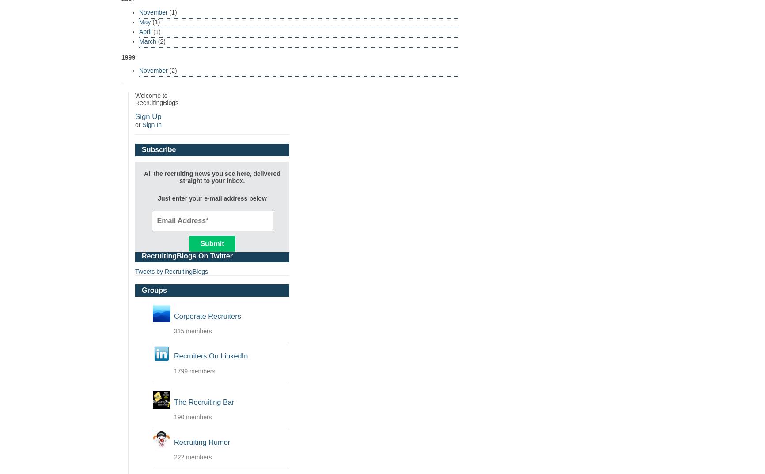 The height and width of the screenshot is (474, 765). Describe the element at coordinates (144, 21) in the screenshot. I see `'May'` at that location.